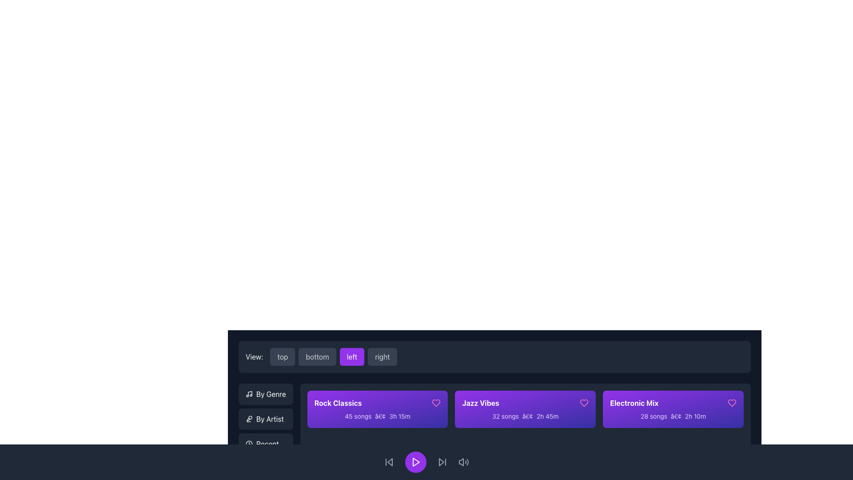 The width and height of the screenshot is (853, 480). Describe the element at coordinates (399, 416) in the screenshot. I see `the text label displaying '3h 15m' that is styled in light purple and positioned next to a dot separator in the playlist tile 'Rock Classics'` at that location.